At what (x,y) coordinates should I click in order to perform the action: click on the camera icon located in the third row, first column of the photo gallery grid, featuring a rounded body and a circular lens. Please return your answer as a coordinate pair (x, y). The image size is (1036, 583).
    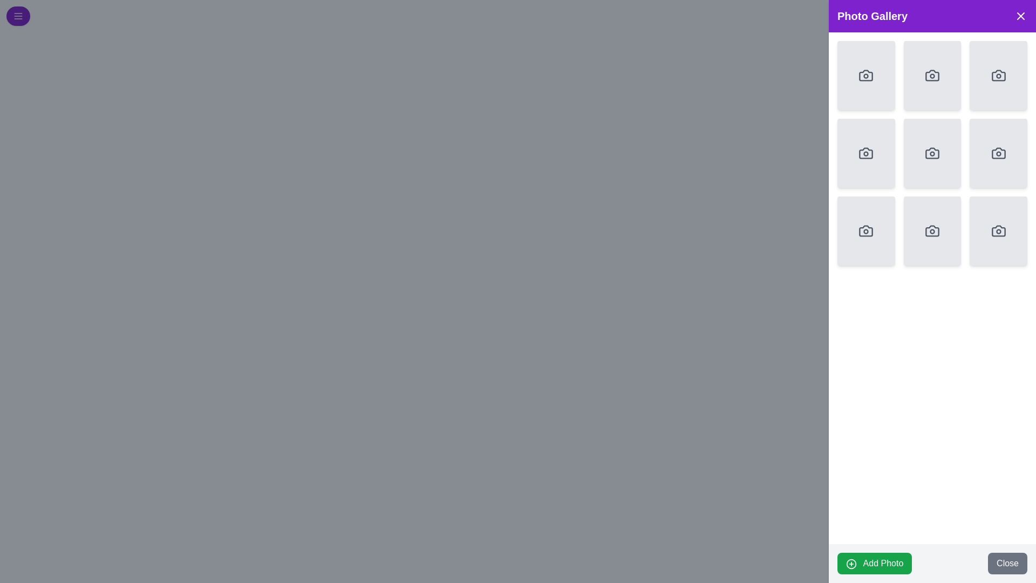
    Looking at the image, I should click on (866, 231).